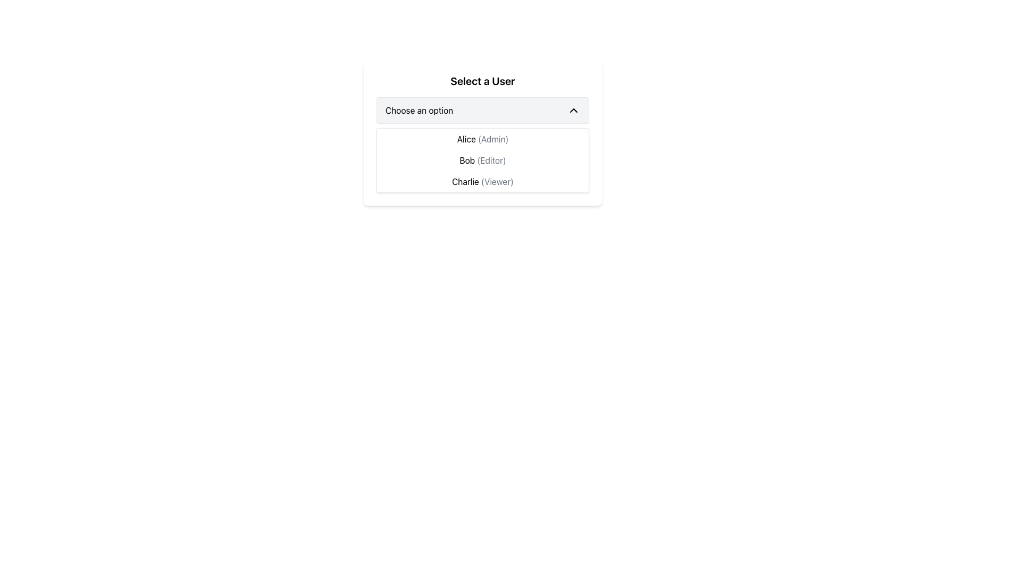 The width and height of the screenshot is (1021, 574). I want to click on the list item displaying 'Alice (Admin)', so click(482, 139).